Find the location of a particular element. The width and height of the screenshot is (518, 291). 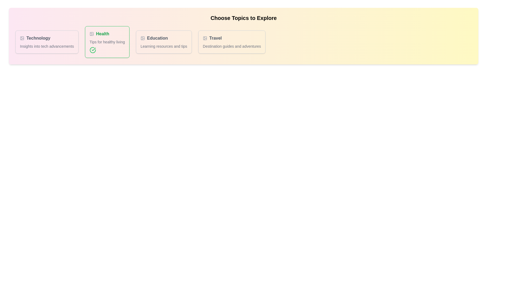

the tag named Travel to toggle its active state is located at coordinates (232, 41).